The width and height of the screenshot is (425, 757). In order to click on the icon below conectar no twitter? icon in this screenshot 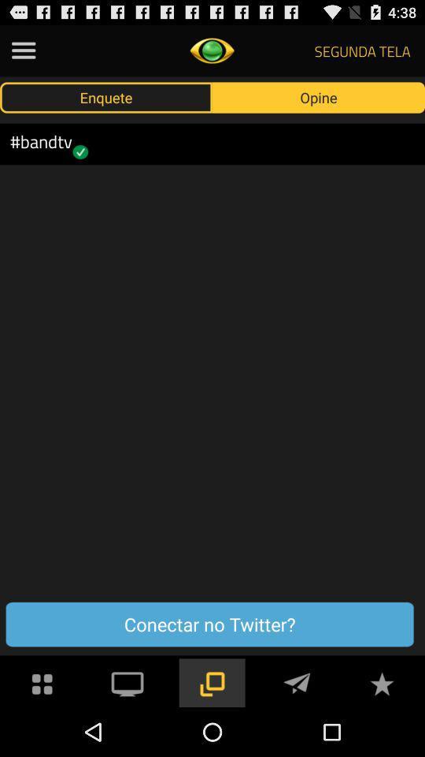, I will do `click(42, 681)`.